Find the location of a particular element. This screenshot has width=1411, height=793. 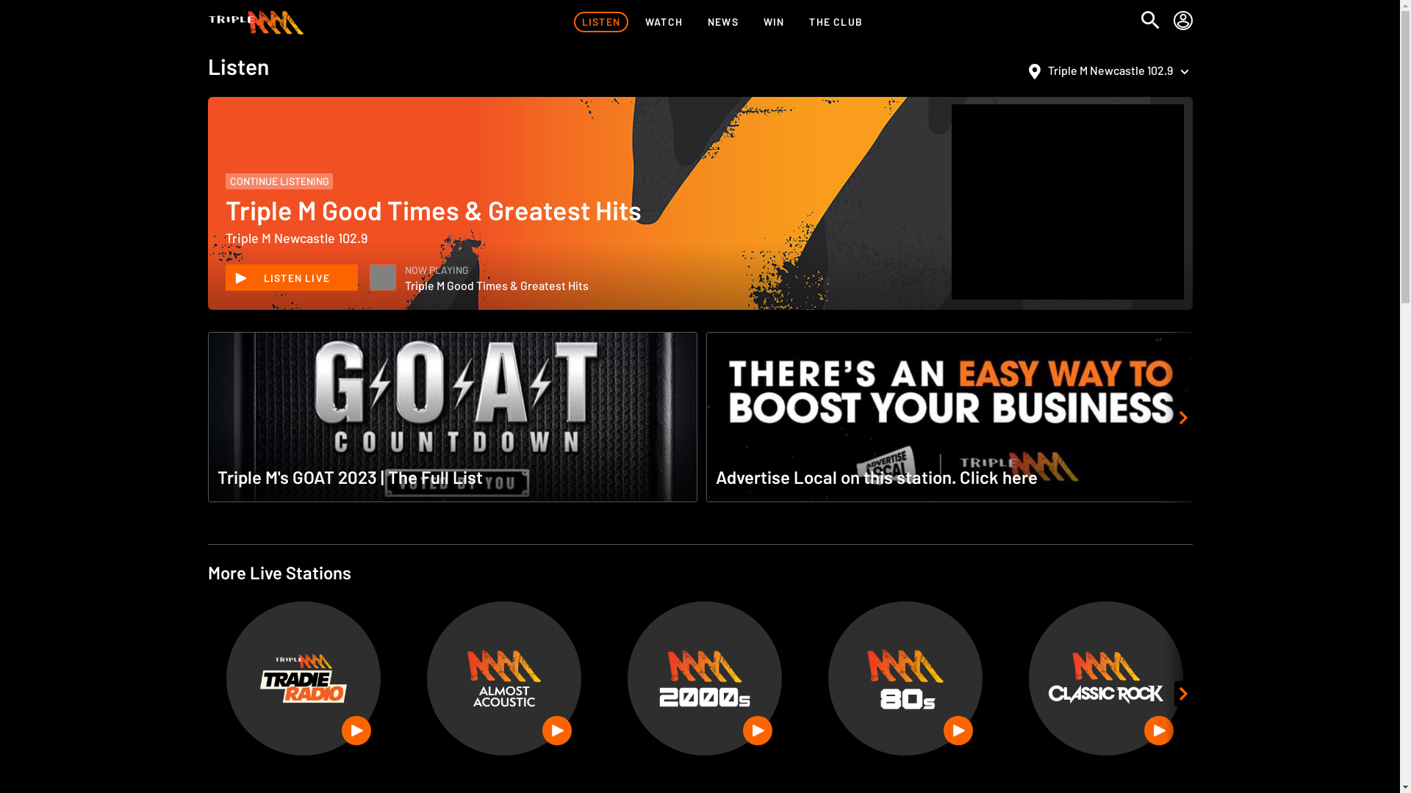

'WATCH' is located at coordinates (637, 22).